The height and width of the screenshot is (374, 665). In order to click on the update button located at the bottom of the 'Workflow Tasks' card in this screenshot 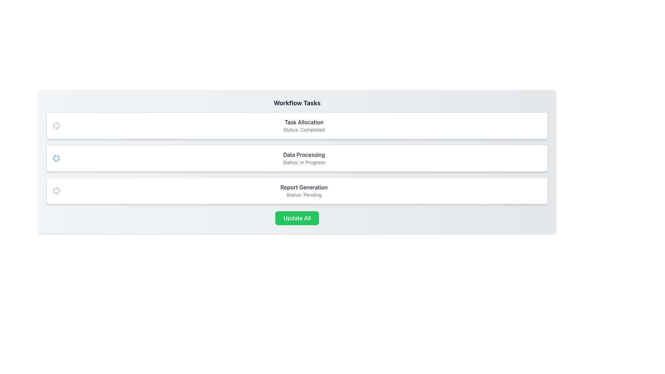, I will do `click(297, 217)`.